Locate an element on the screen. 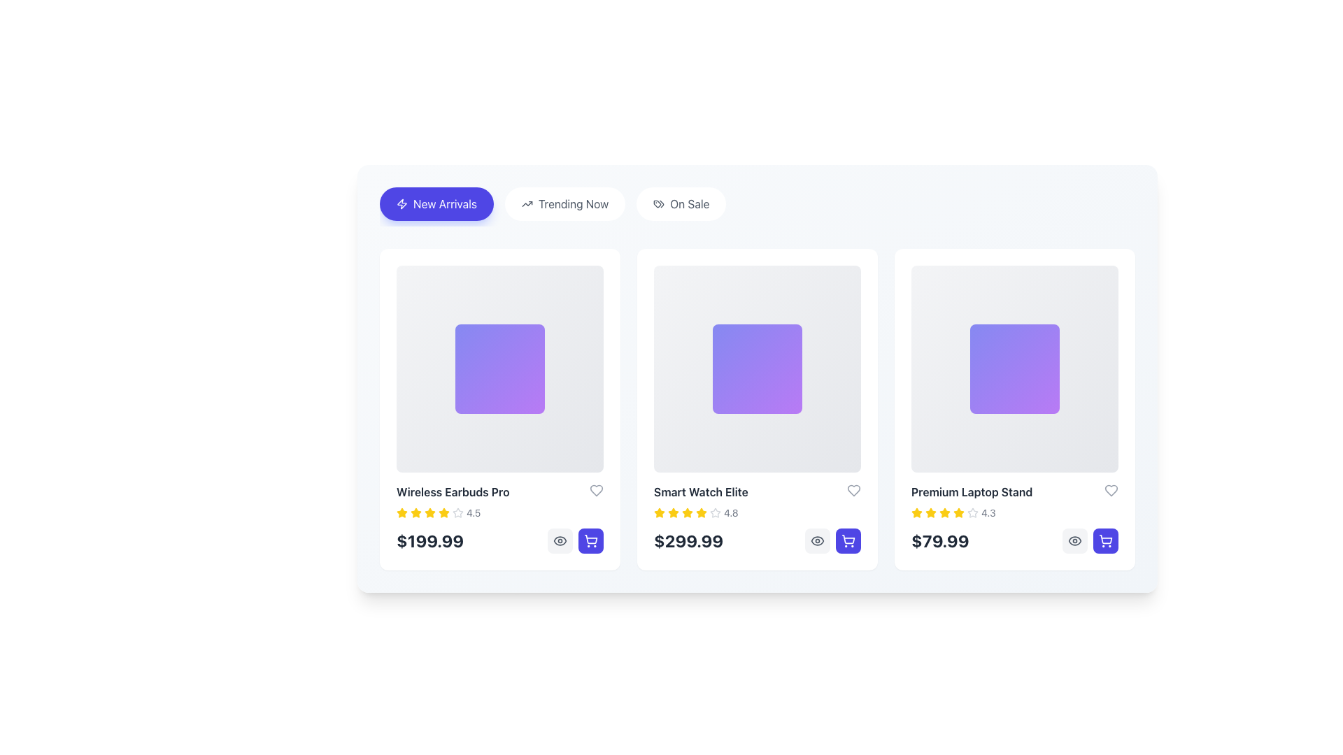 The width and height of the screenshot is (1343, 755). the Rating Indicator of the 'Smart Watch Elite' product is located at coordinates (757, 512).